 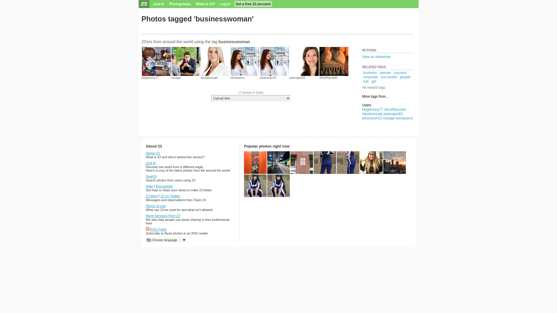 What do you see at coordinates (373, 87) in the screenshot?
I see `'All related tags'` at bounding box center [373, 87].